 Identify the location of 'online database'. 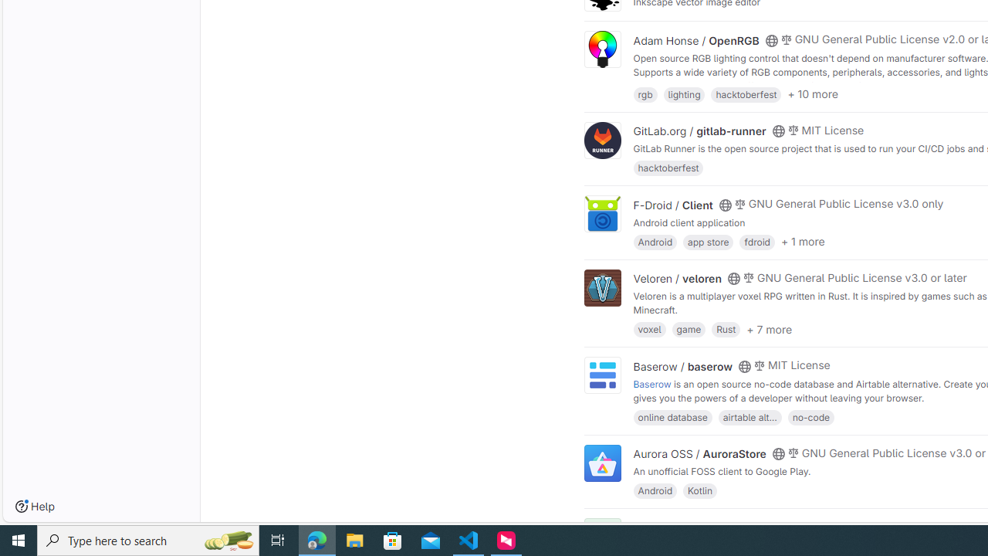
(672, 415).